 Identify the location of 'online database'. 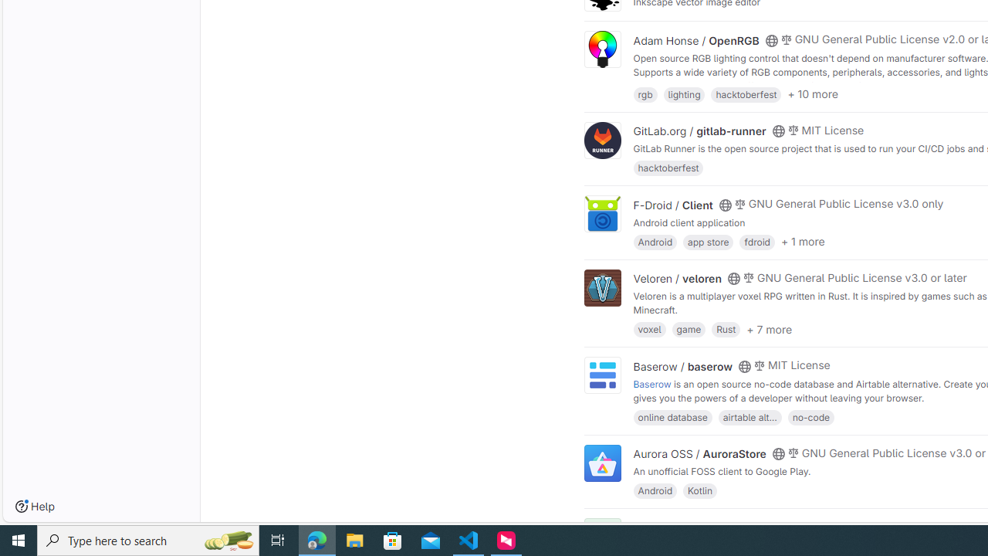
(672, 415).